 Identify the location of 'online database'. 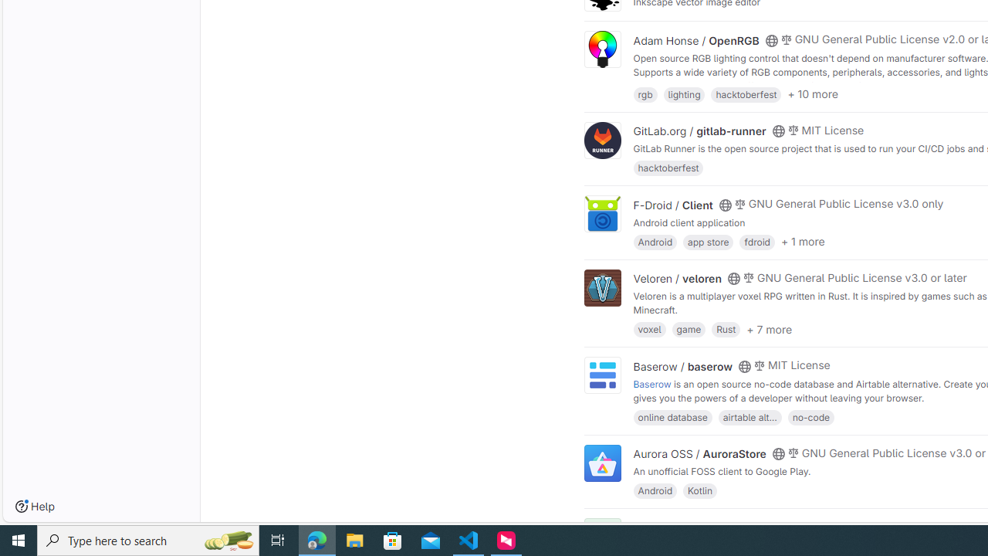
(672, 415).